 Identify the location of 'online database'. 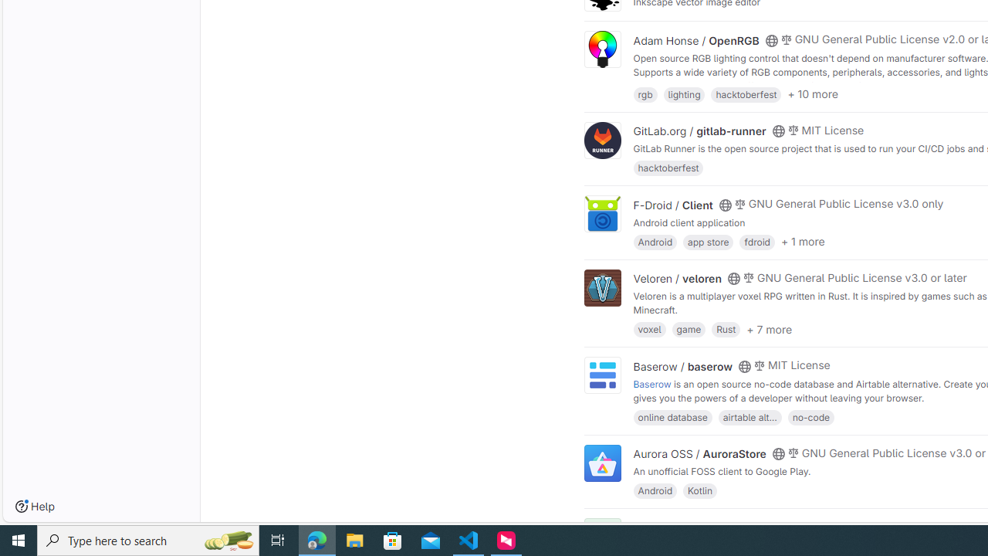
(672, 415).